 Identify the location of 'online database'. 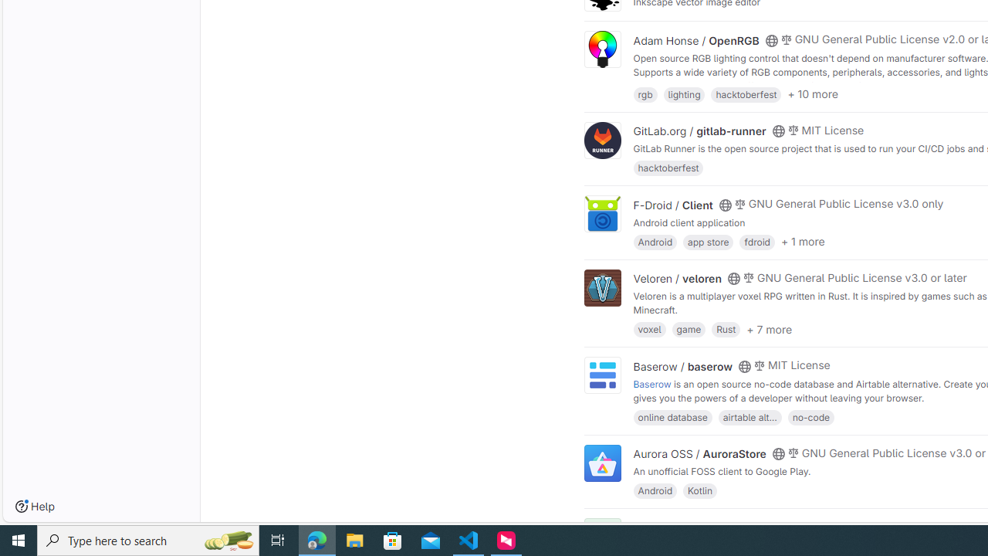
(672, 415).